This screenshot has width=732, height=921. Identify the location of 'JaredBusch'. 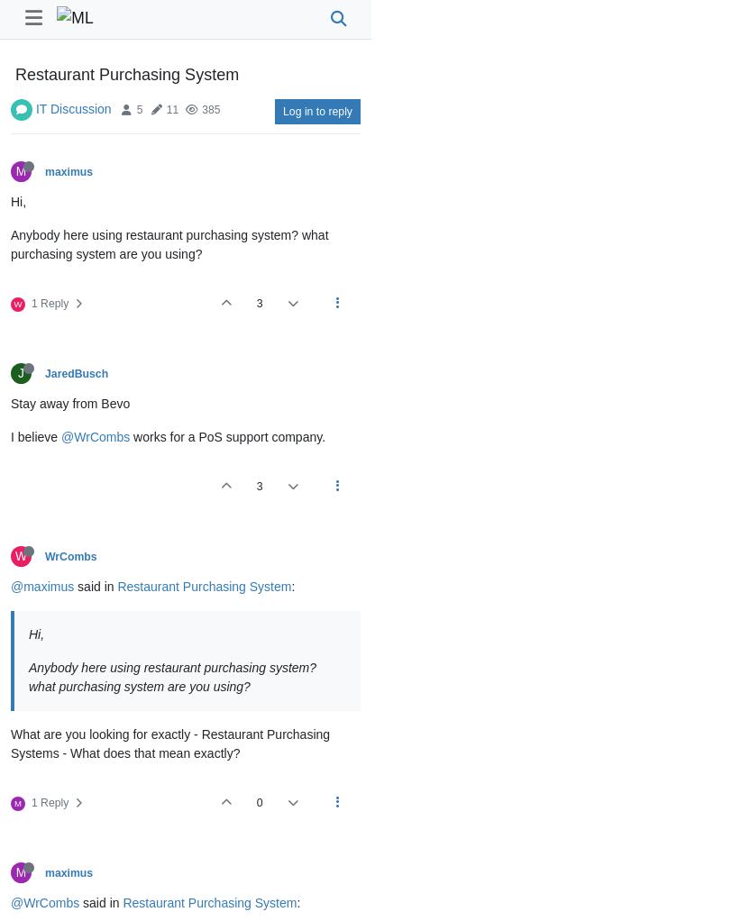
(77, 374).